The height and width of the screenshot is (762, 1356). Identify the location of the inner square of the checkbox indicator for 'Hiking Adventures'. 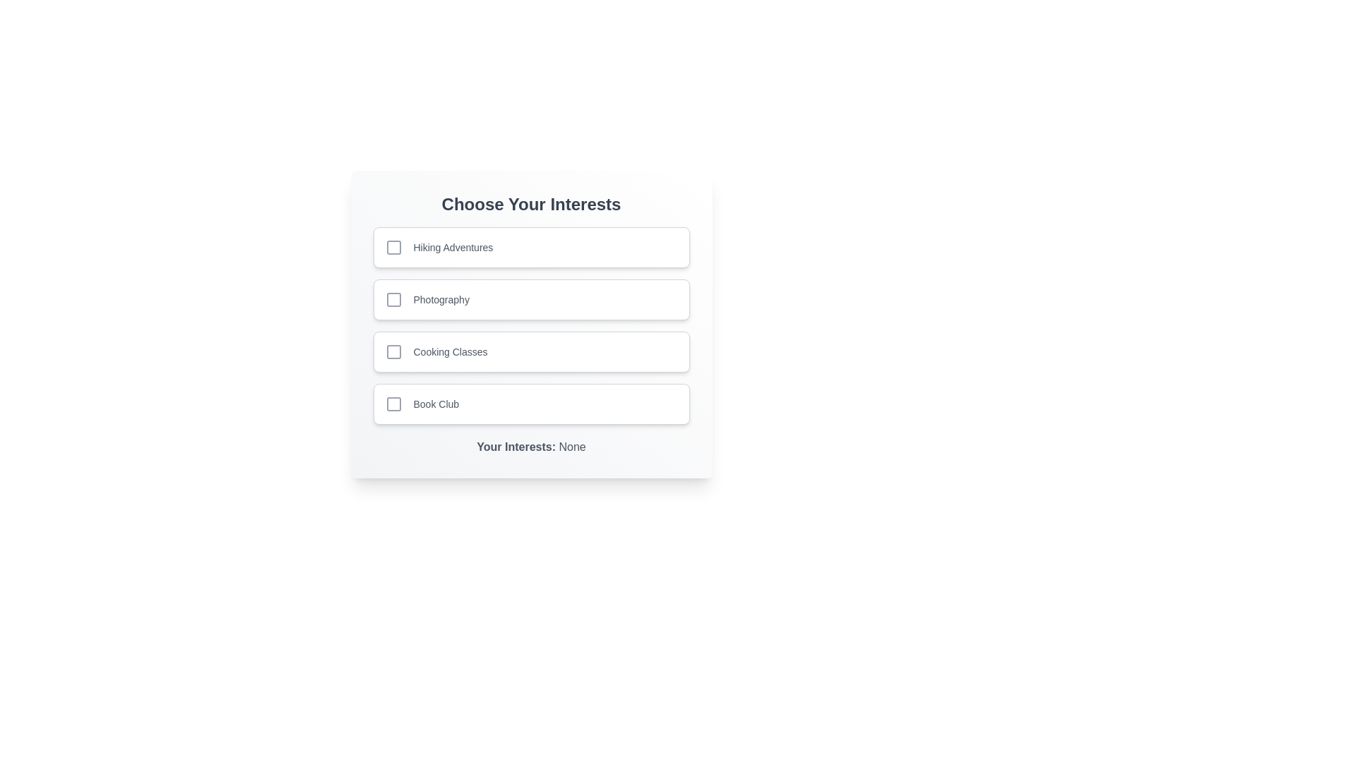
(393, 247).